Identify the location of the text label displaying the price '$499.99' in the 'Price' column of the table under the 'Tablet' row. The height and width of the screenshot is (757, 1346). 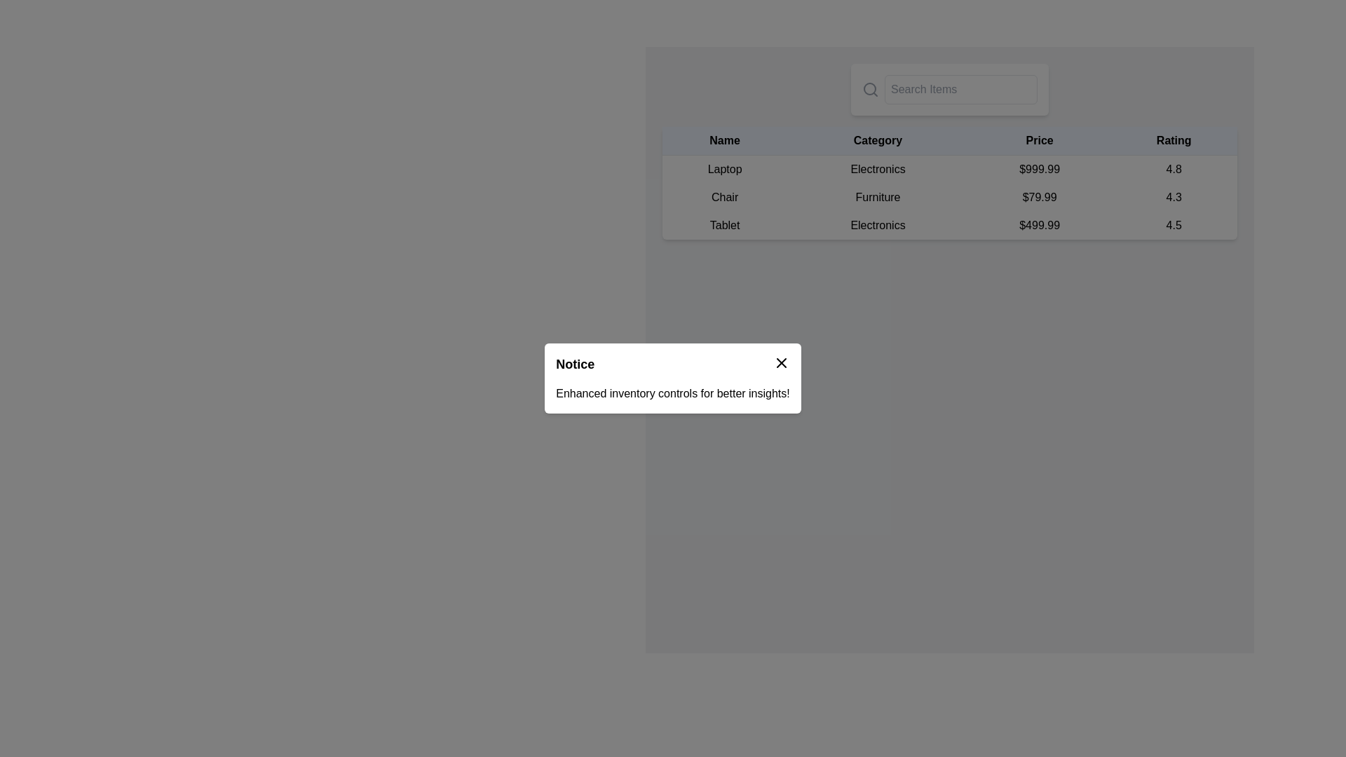
(1040, 224).